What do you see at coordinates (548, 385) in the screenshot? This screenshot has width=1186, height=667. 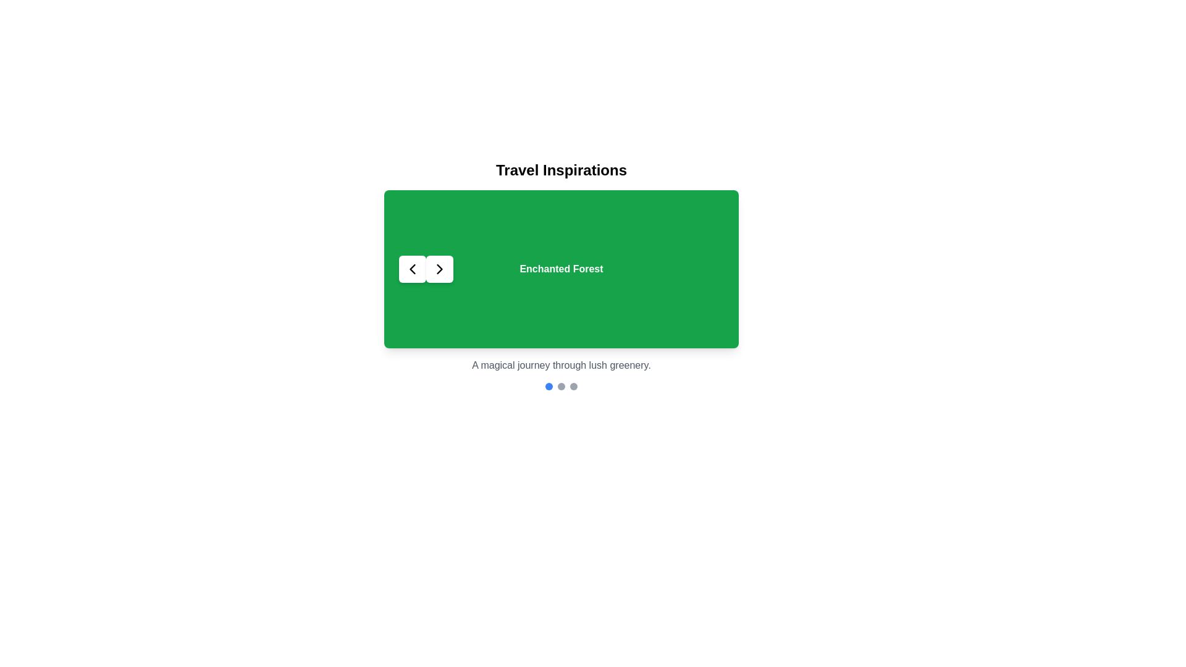 I see `the blue progress indicator dot located under the text 'A magical journey through lush greenery' to change the slide` at bounding box center [548, 385].